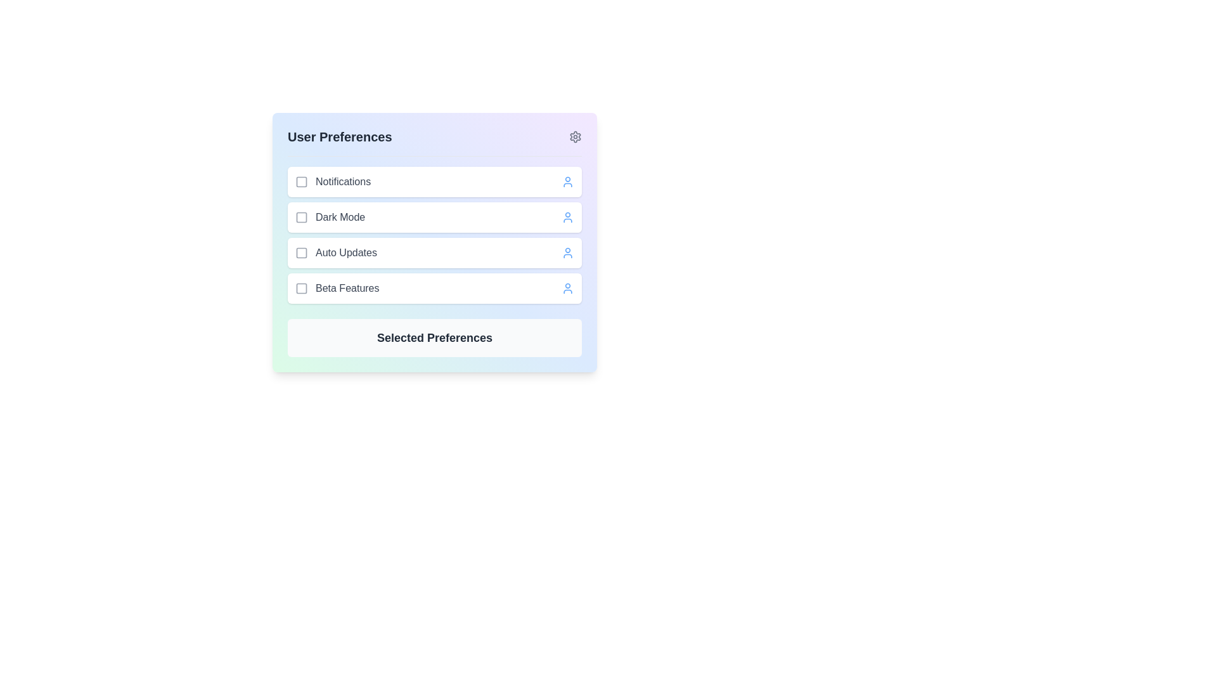 The image size is (1217, 685). I want to click on the checkbox, so click(300, 289).